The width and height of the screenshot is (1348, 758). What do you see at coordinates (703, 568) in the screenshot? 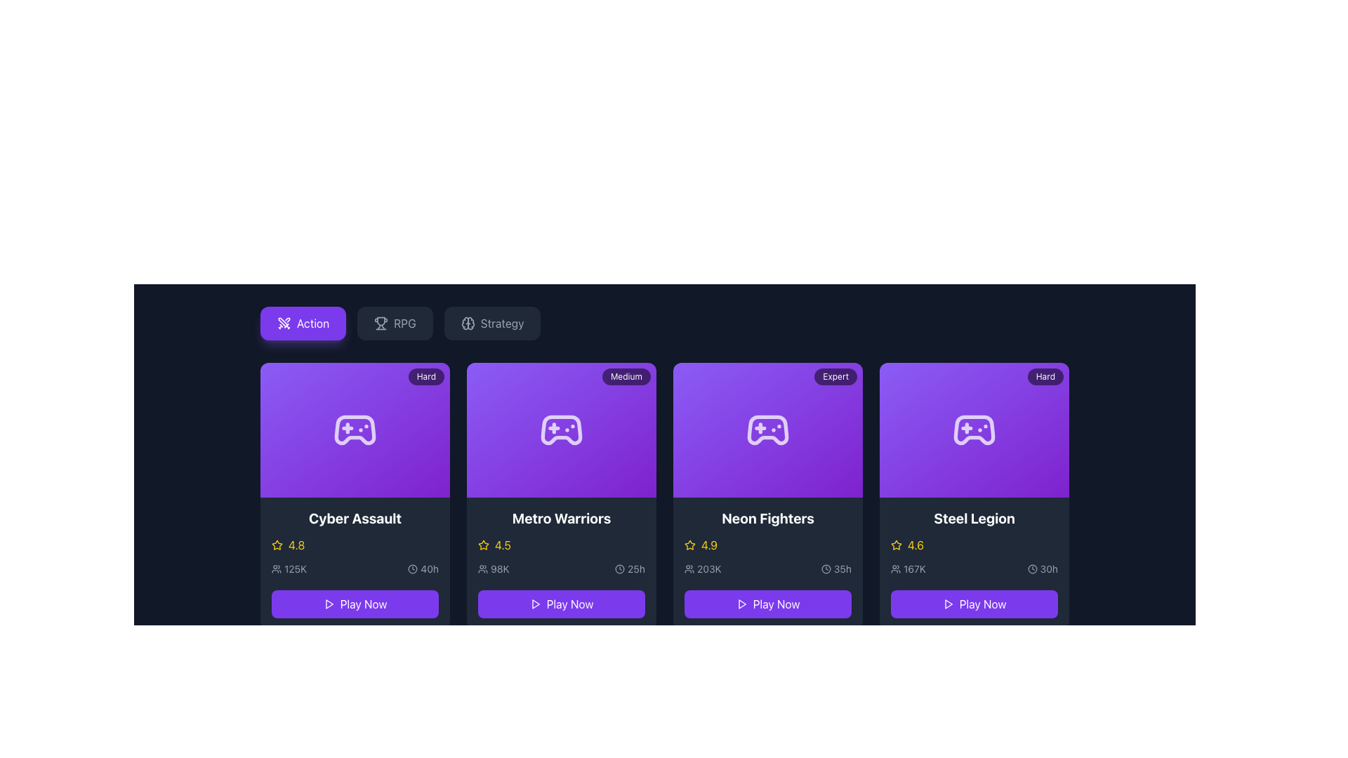
I see `the text element displaying '203K' next to the user icon in the lower section of the 'Neon Fighters' card` at bounding box center [703, 568].